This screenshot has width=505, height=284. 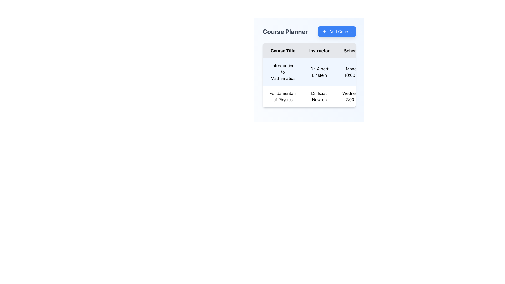 What do you see at coordinates (353, 72) in the screenshot?
I see `the table cell displaying the scheduled time for the 'Introduction to Mathematics' course, located in the 'Schedule' column of the table` at bounding box center [353, 72].